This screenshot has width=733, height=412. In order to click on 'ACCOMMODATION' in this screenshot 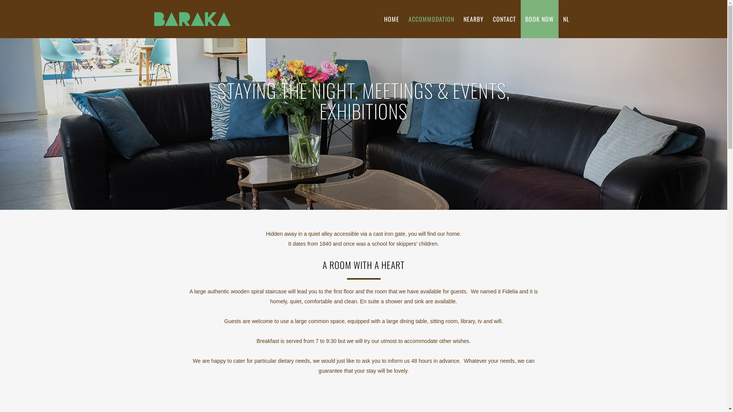, I will do `click(431, 19)`.